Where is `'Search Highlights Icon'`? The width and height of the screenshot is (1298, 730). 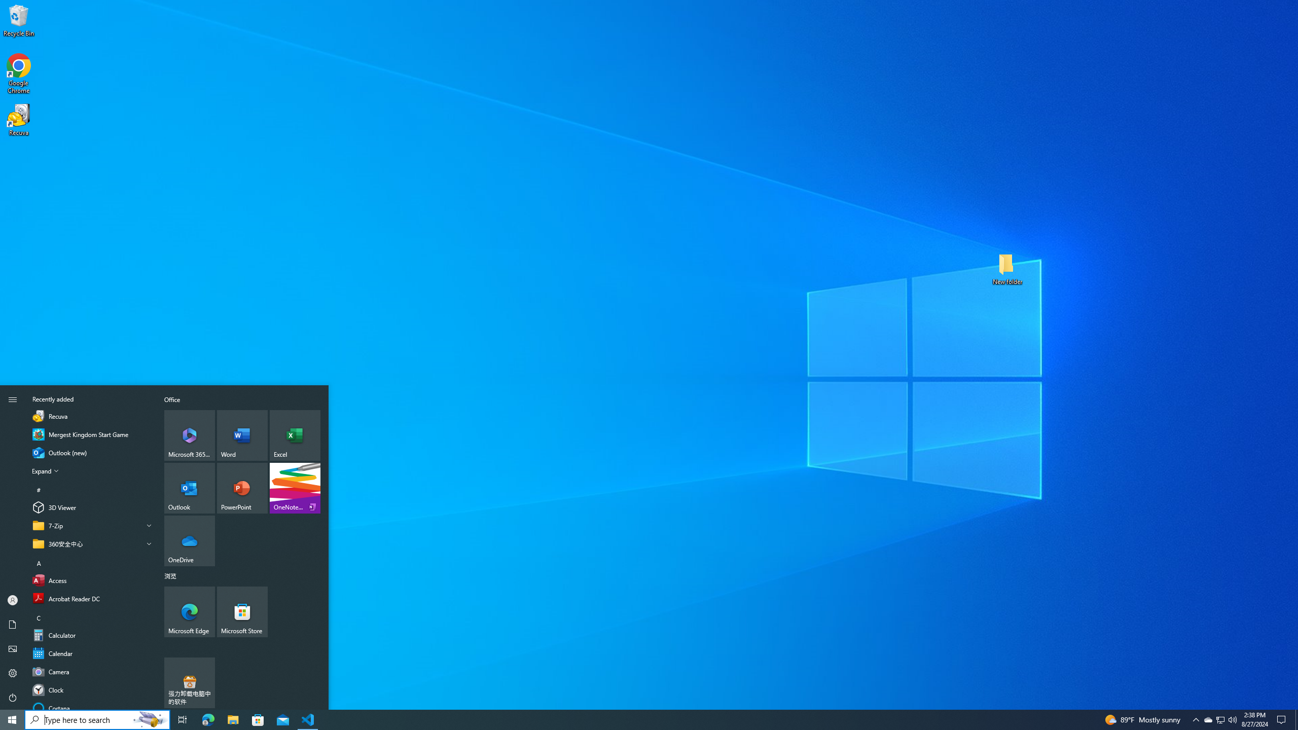
'Search Highlights Icon' is located at coordinates (149, 719).